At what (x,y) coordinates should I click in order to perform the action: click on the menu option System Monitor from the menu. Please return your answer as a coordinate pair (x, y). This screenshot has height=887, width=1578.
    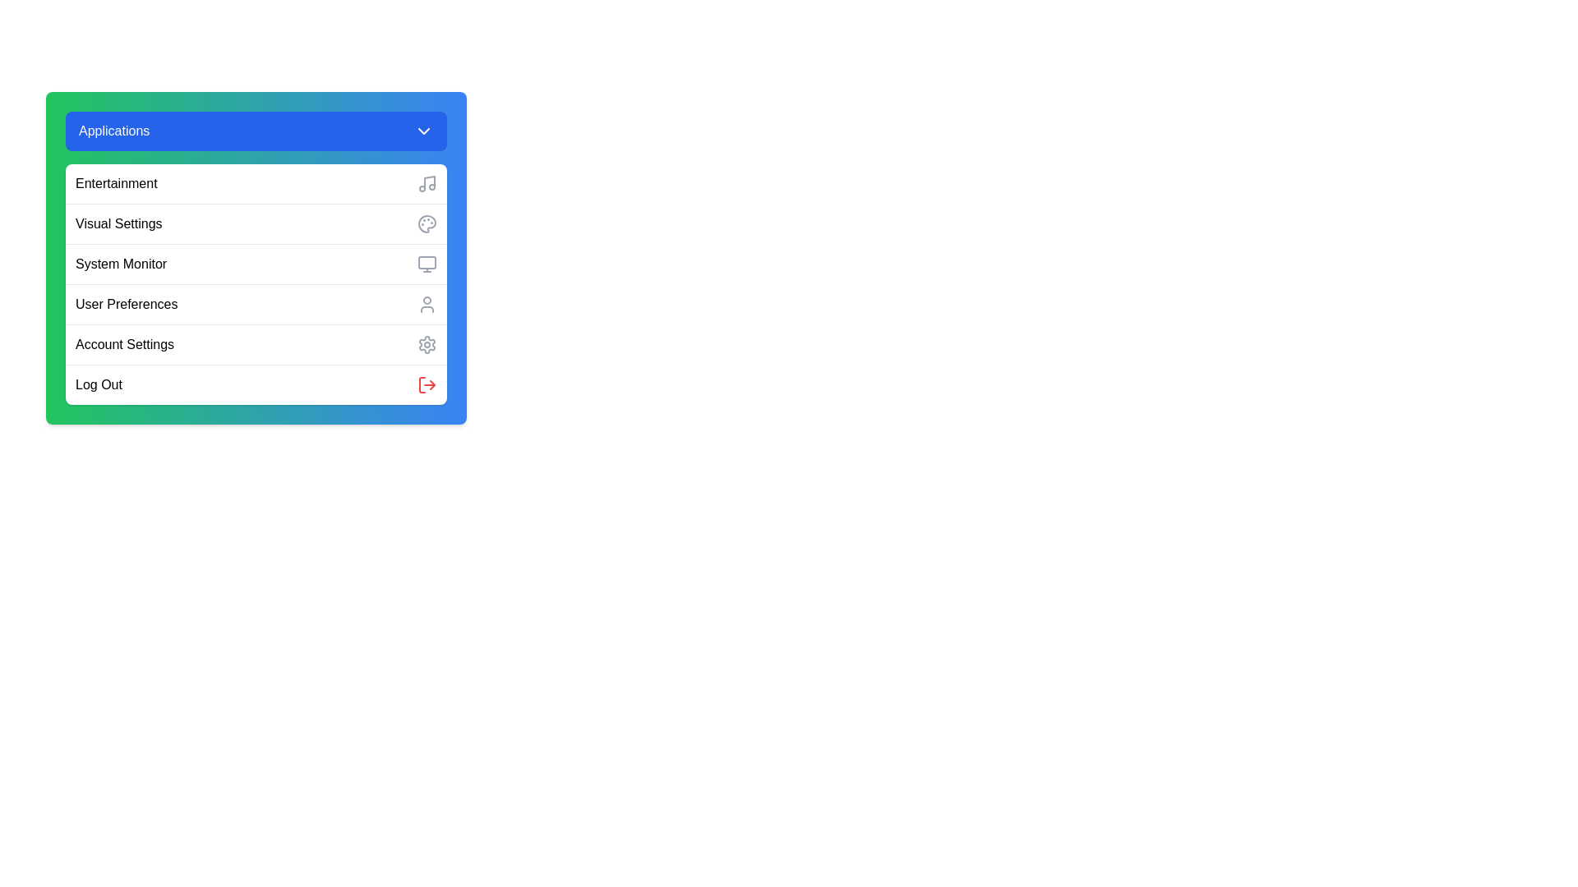
    Looking at the image, I should click on (256, 263).